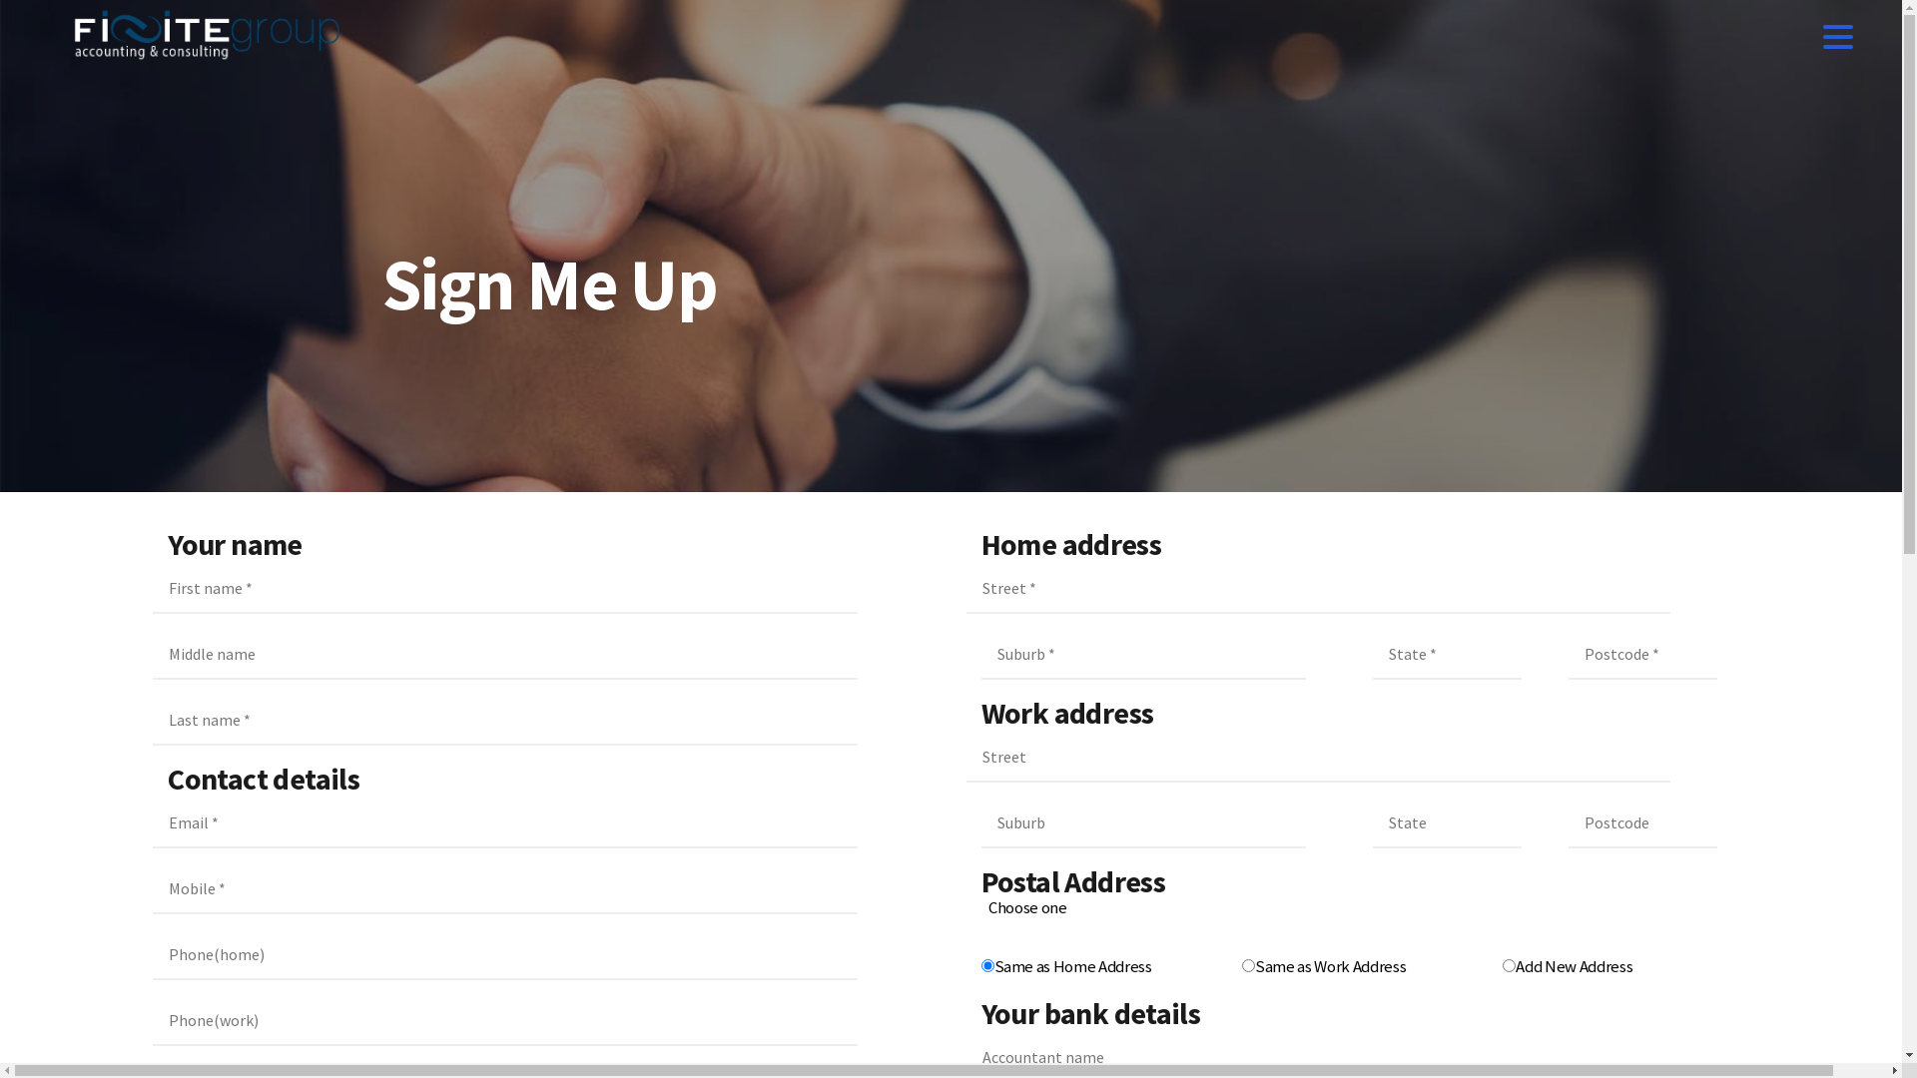  I want to click on 'Same as Work Address', so click(1247, 964).